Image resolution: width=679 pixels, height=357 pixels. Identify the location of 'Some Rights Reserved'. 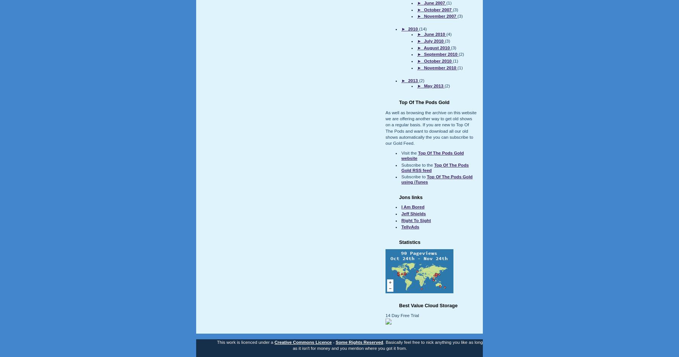
(359, 342).